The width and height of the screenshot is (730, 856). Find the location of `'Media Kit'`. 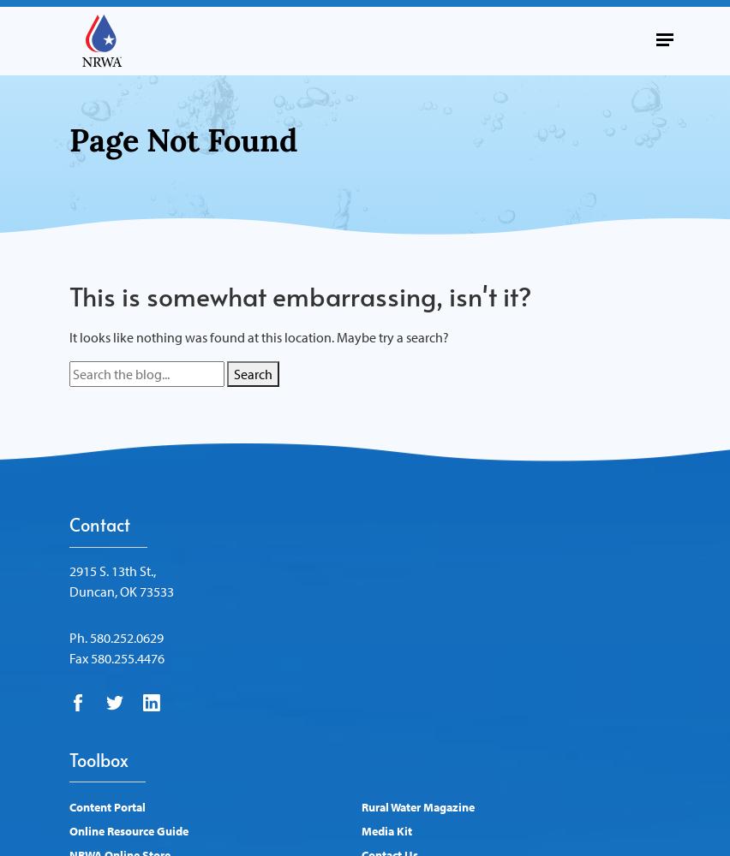

'Media Kit' is located at coordinates (386, 830).